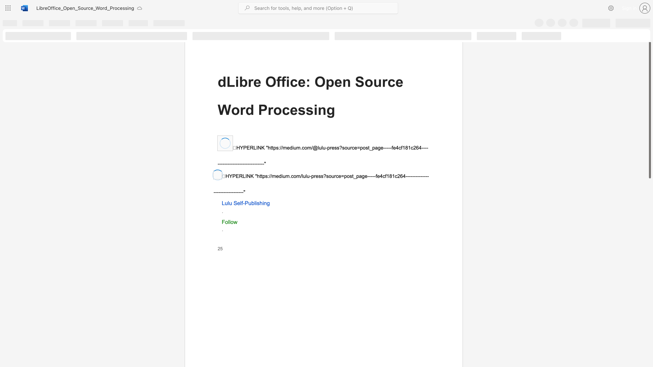 This screenshot has width=653, height=367. I want to click on the scrollbar on the right side to scroll the page down, so click(649, 248).